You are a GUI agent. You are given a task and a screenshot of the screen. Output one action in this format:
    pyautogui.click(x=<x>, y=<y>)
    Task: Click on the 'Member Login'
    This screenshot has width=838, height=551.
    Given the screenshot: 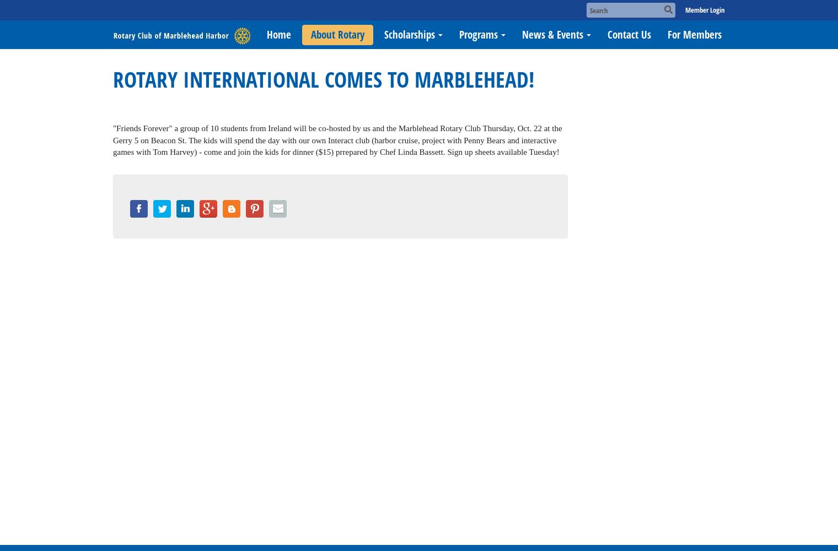 What is the action you would take?
    pyautogui.click(x=705, y=10)
    